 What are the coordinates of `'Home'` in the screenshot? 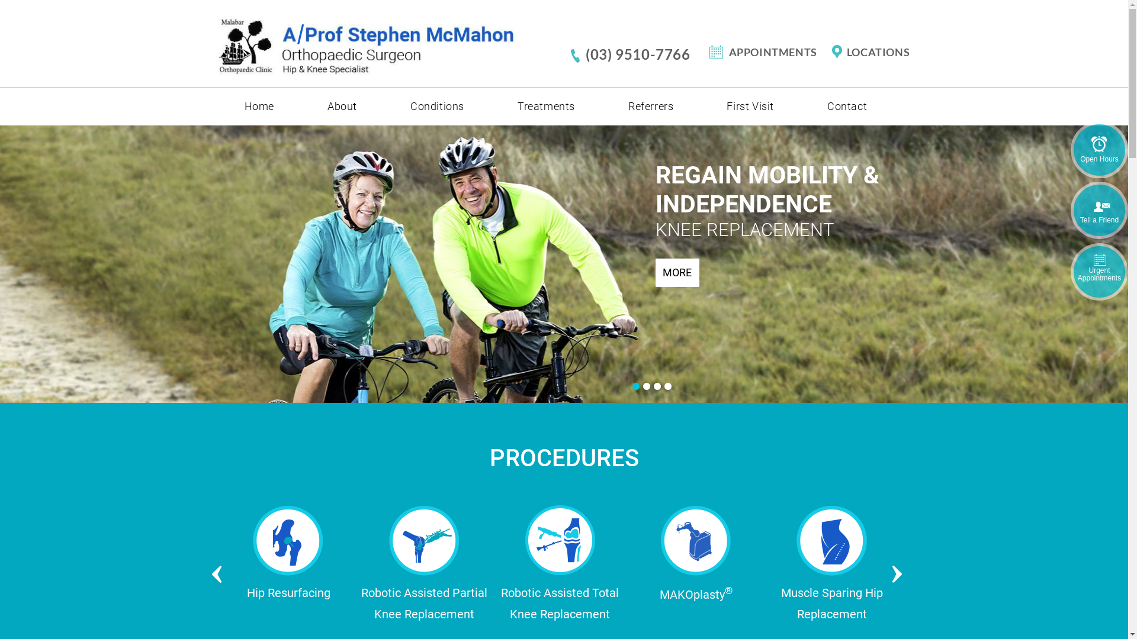 It's located at (258, 106).